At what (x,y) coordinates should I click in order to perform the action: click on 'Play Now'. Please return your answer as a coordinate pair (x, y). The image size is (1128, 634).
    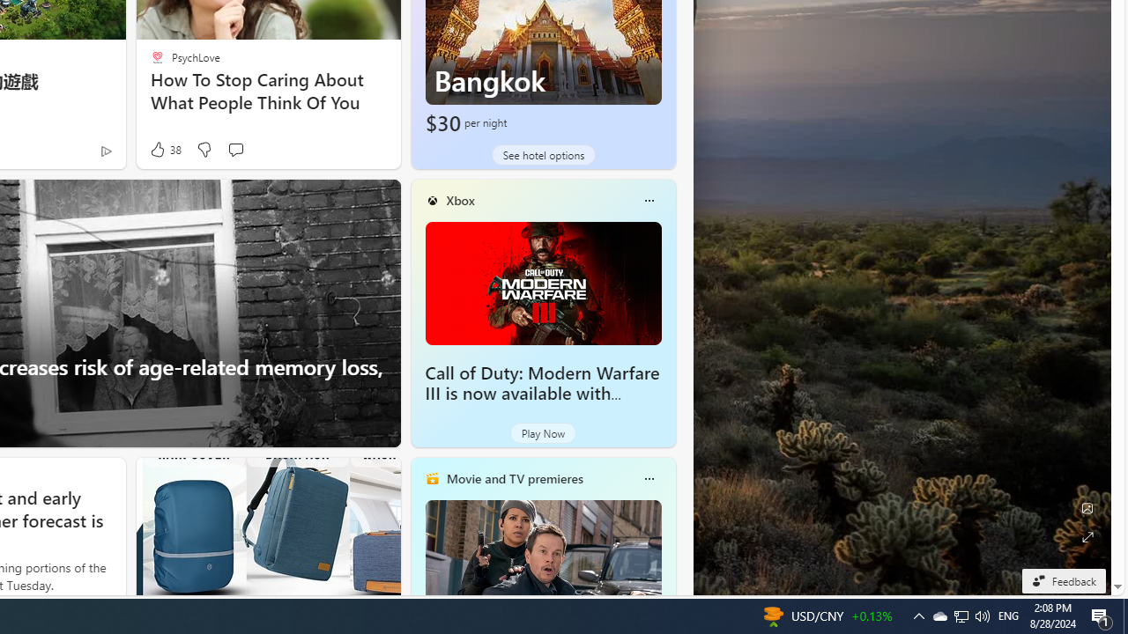
    Looking at the image, I should click on (542, 433).